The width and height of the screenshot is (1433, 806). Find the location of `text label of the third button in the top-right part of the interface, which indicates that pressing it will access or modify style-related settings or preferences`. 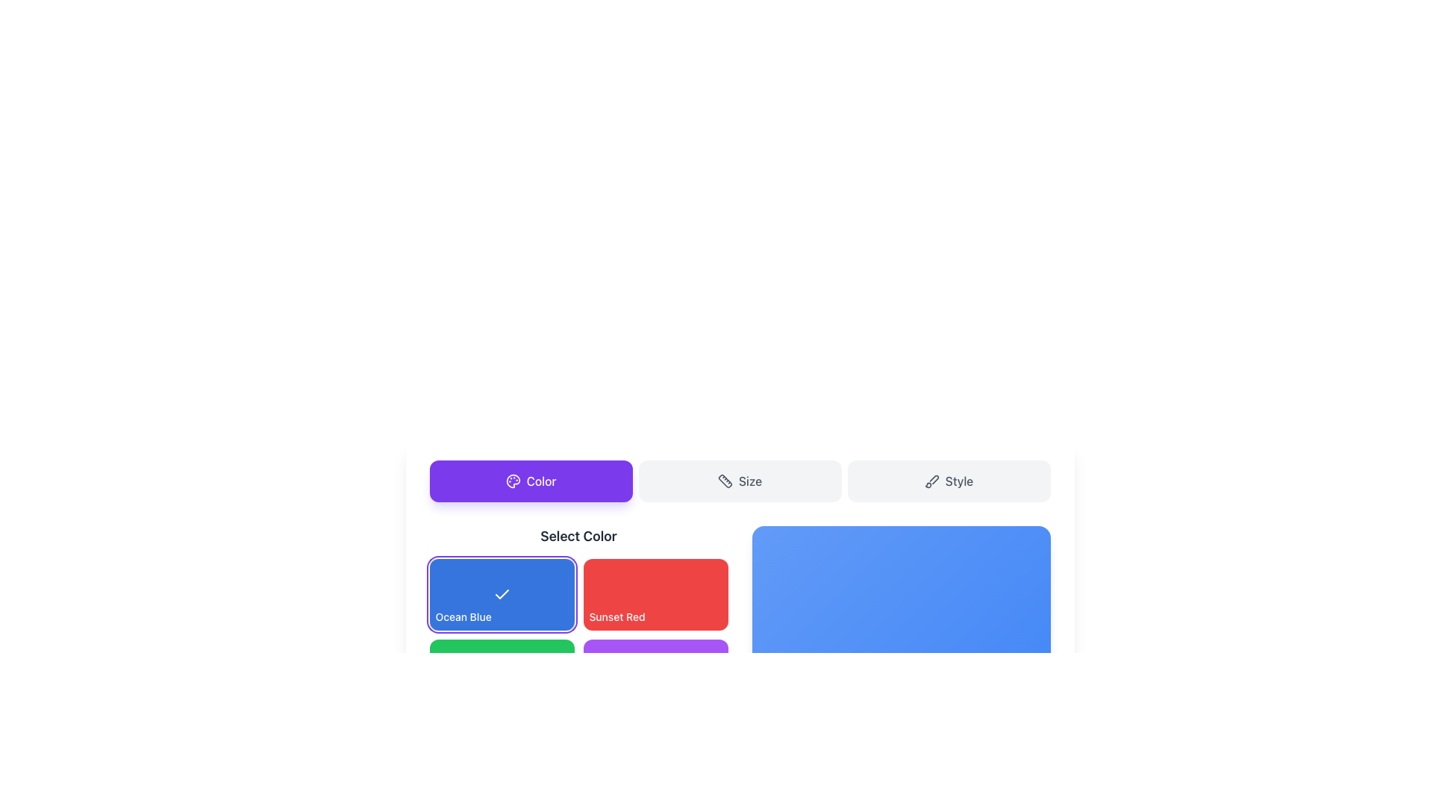

text label of the third button in the top-right part of the interface, which indicates that pressing it will access or modify style-related settings or preferences is located at coordinates (959, 481).